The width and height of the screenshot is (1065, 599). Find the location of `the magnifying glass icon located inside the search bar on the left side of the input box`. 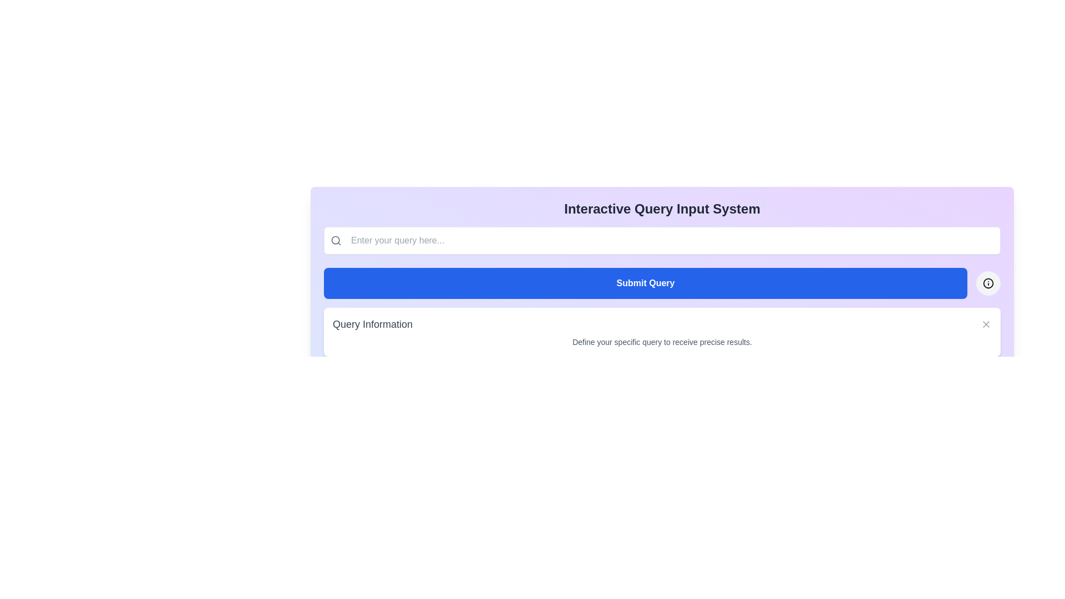

the magnifying glass icon located inside the search bar on the left side of the input box is located at coordinates (335, 240).